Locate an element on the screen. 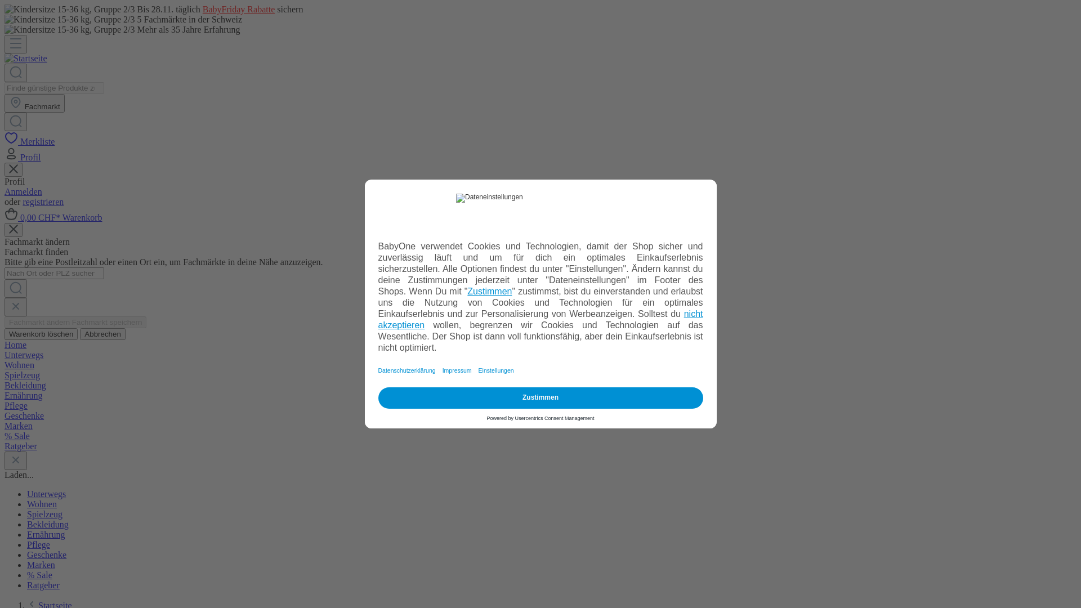 The image size is (1081, 608). 'Anmelden' is located at coordinates (23, 191).